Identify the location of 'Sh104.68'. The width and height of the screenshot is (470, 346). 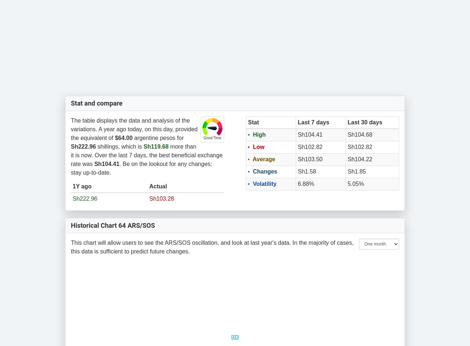
(359, 134).